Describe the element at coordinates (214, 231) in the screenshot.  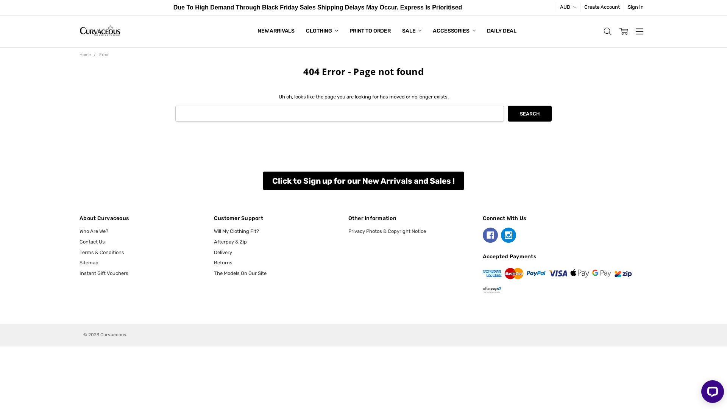
I see `'Will My Clothing Fit?'` at that location.